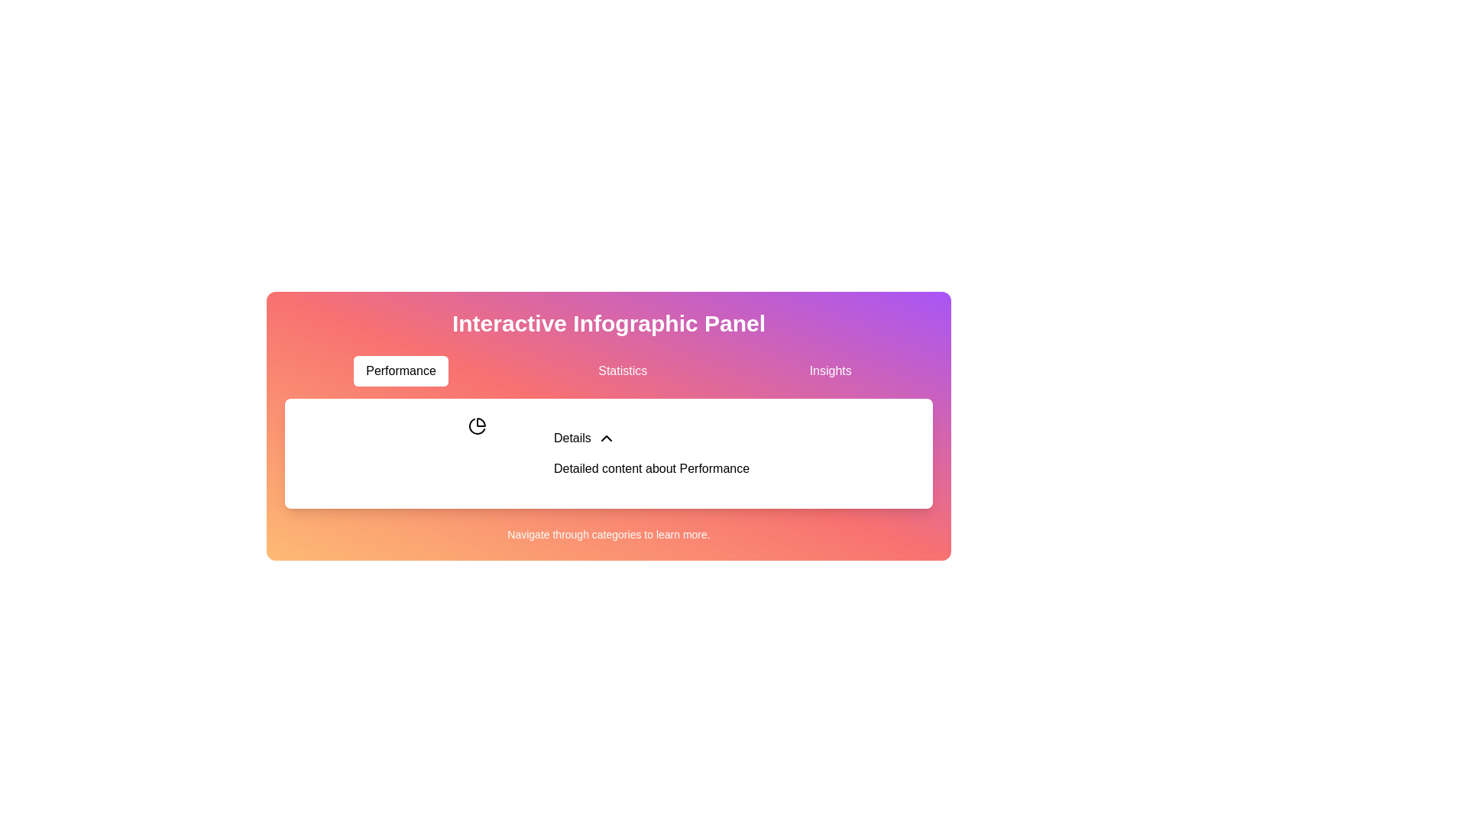 This screenshot has height=825, width=1467. I want to click on the 'Insights' button, which is a rectangular button with rounded corners and a gradient background, located at the far right of the button group beneath the title 'Interactive Infographic Panel', so click(830, 371).